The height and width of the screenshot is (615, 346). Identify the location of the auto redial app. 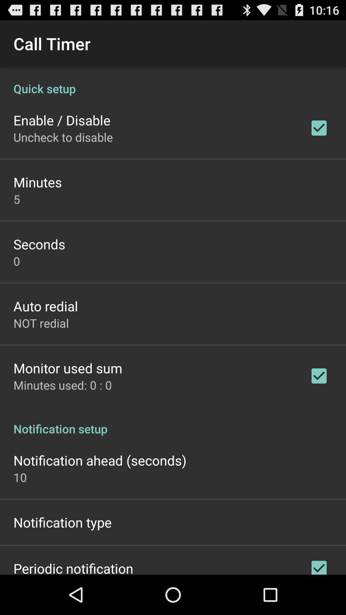
(45, 306).